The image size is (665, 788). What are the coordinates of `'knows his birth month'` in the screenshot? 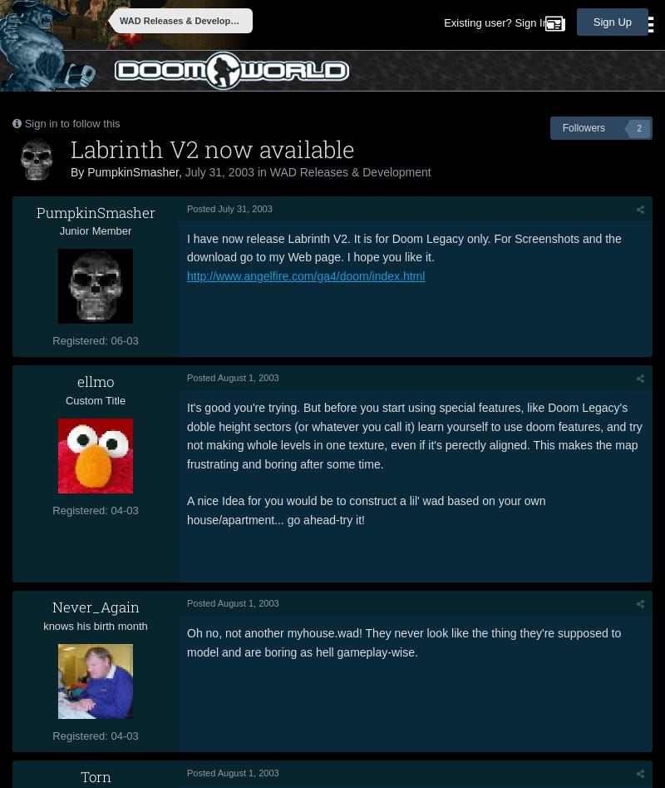 It's located at (94, 624).